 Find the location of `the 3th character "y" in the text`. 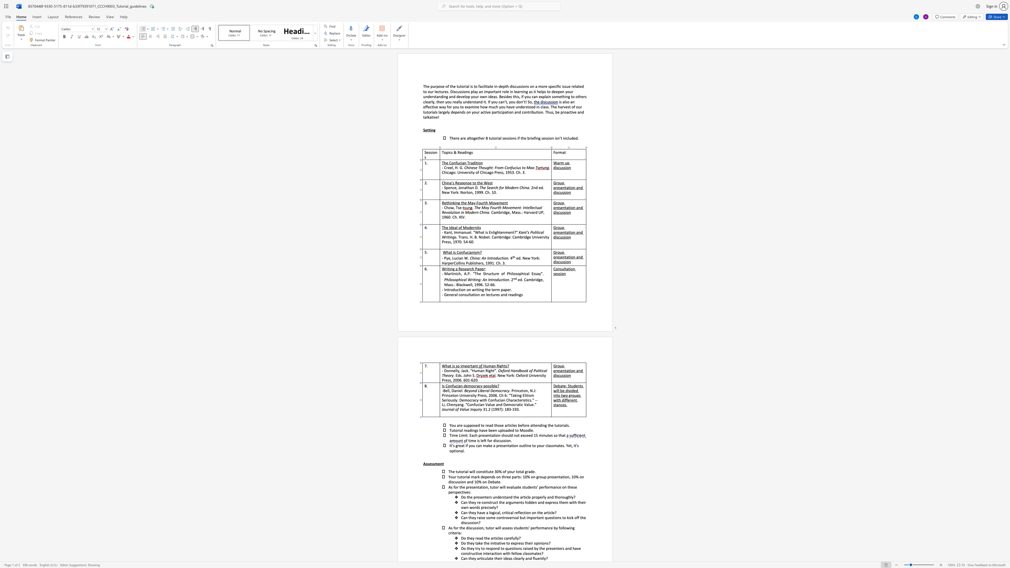

the 3th character "y" in the text is located at coordinates (537, 548).